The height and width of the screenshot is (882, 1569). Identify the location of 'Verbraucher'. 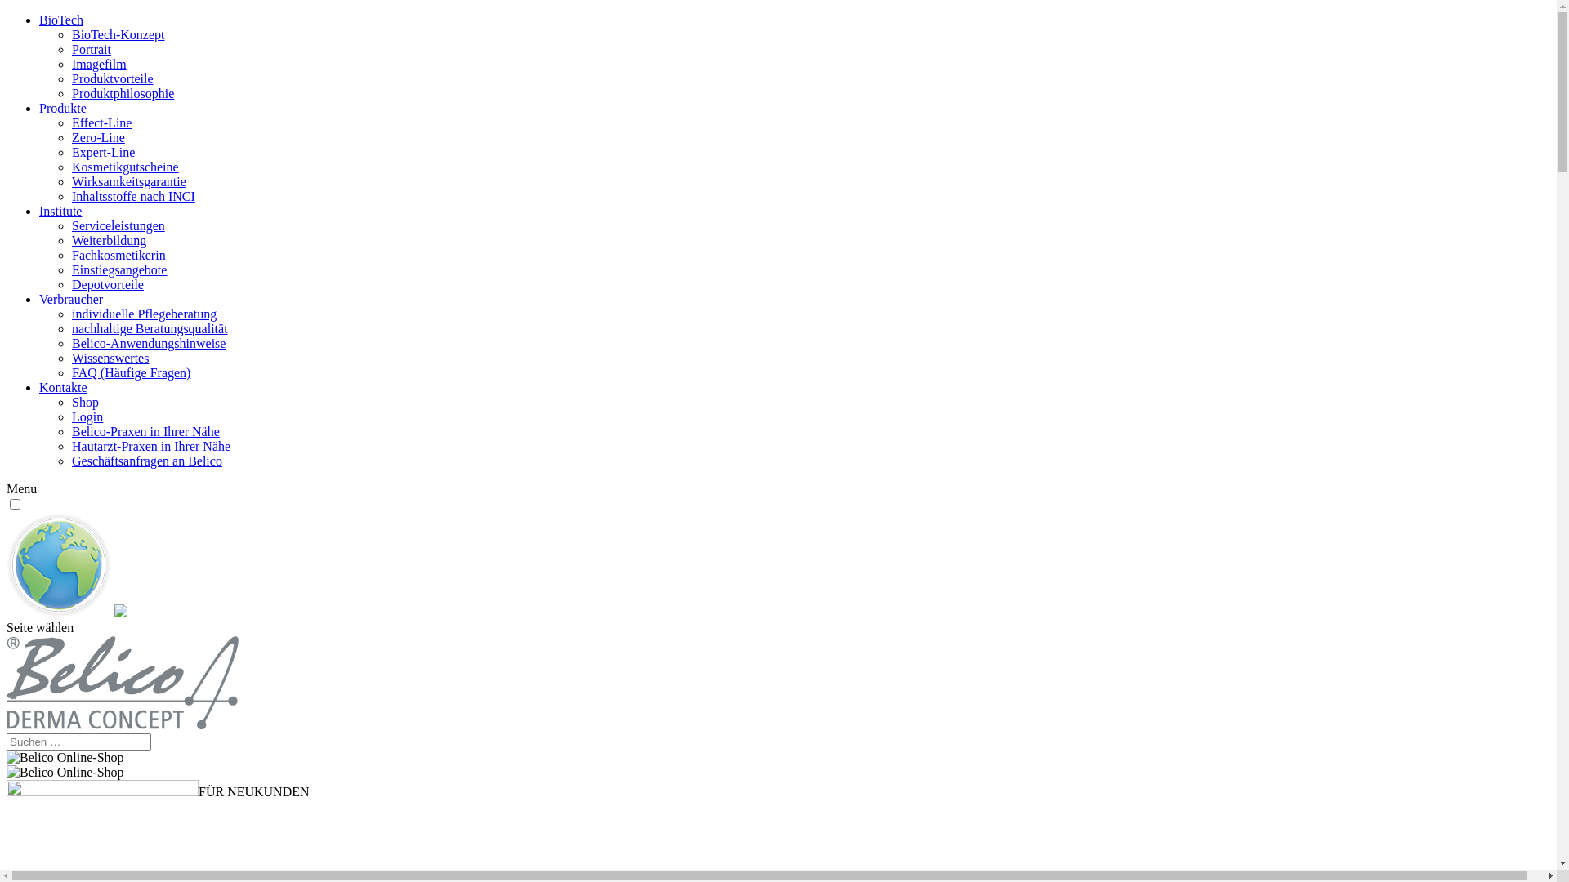
(69, 299).